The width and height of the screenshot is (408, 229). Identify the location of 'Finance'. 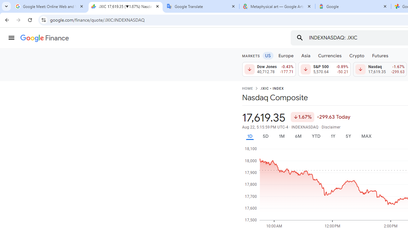
(44, 38).